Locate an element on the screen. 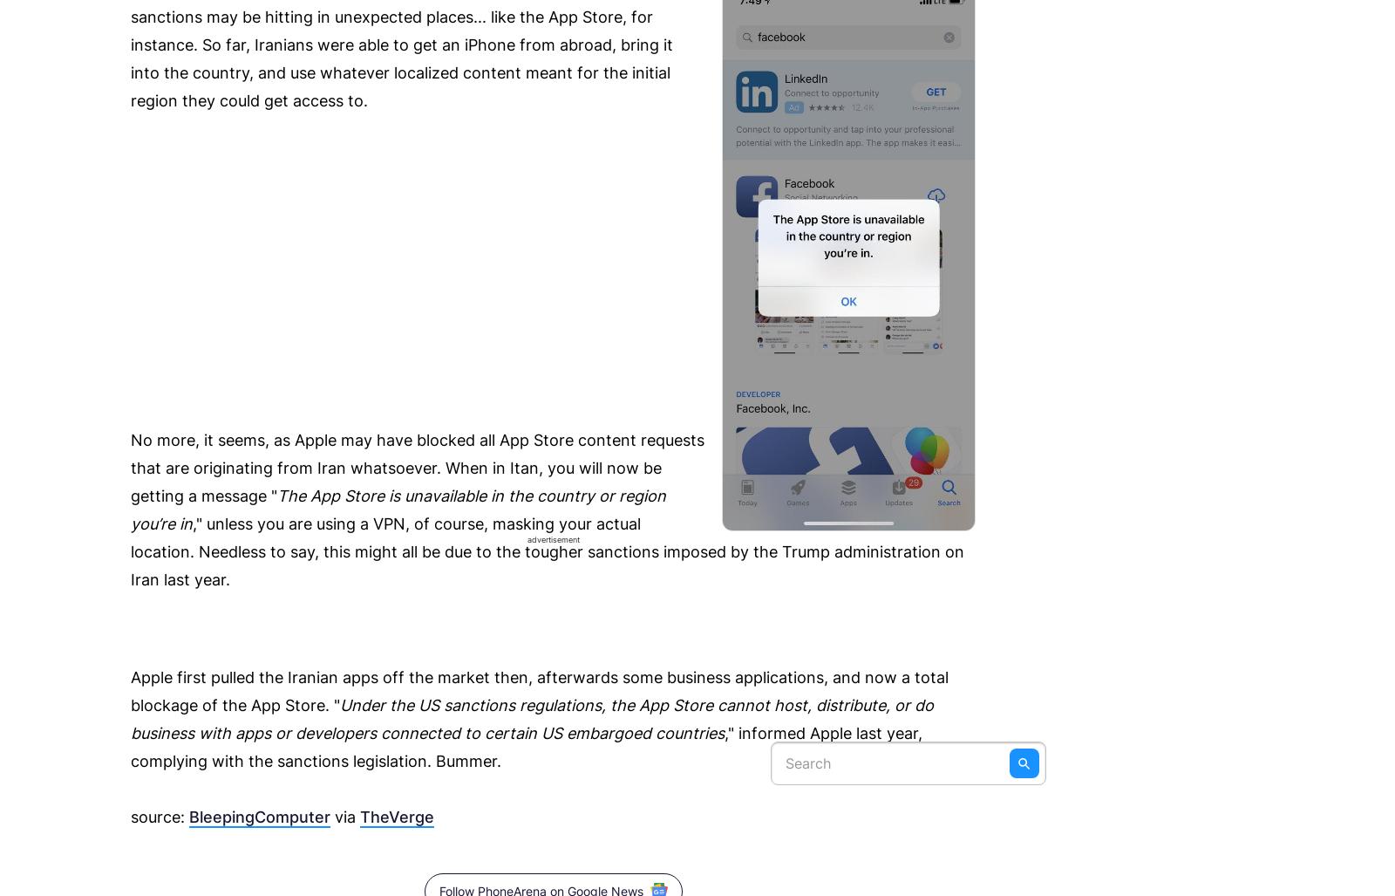 Image resolution: width=1395 pixels, height=896 pixels. 'Cookies' is located at coordinates (1011, 66).